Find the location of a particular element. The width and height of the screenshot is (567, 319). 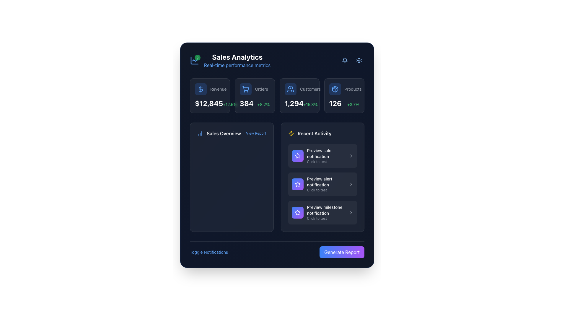

the star icon with a white border on a purple background located in the top-center of the 'Preview sale notification' card in the 'Recent Activity' section is located at coordinates (297, 184).